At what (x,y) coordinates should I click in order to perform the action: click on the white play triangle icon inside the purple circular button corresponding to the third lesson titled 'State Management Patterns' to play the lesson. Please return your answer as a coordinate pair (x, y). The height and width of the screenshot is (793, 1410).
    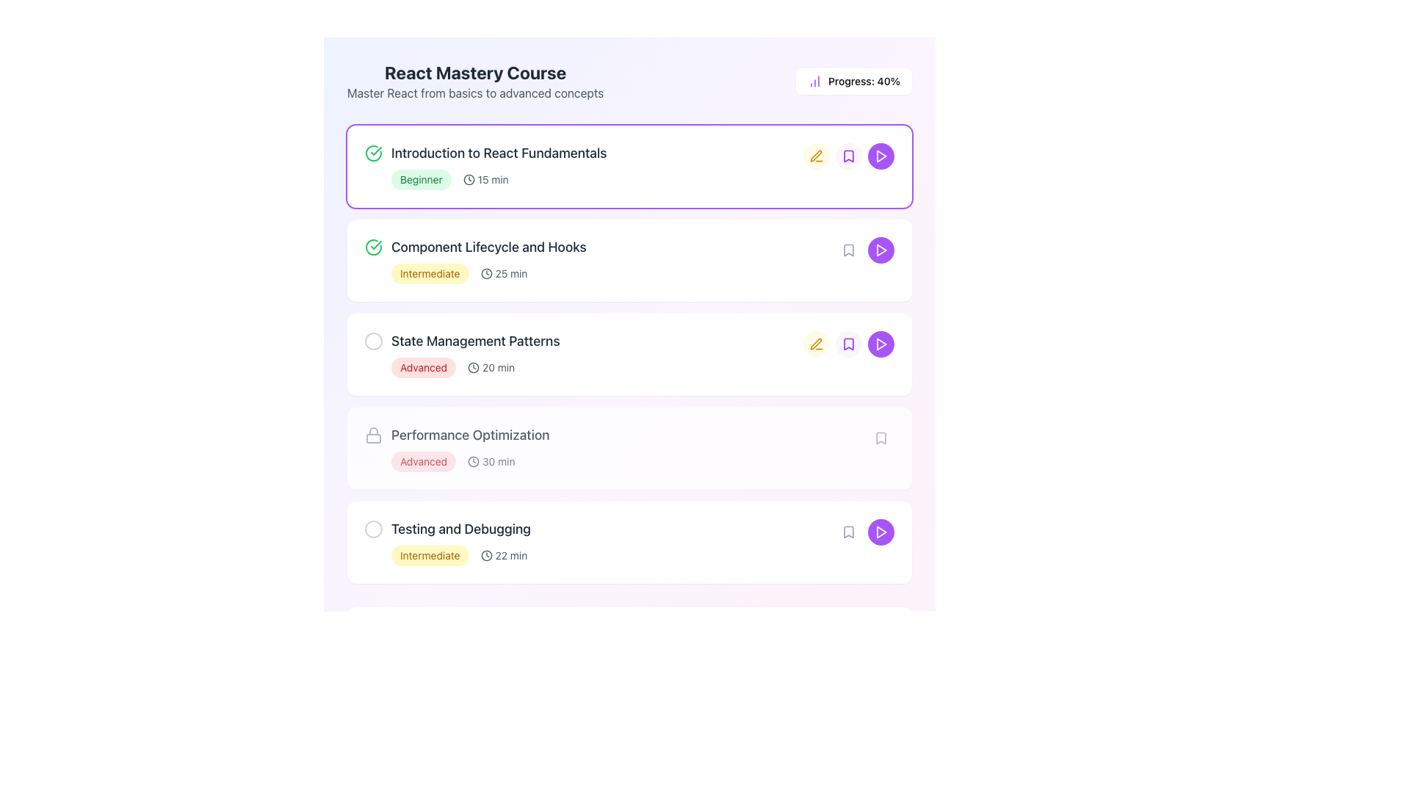
    Looking at the image, I should click on (881, 344).